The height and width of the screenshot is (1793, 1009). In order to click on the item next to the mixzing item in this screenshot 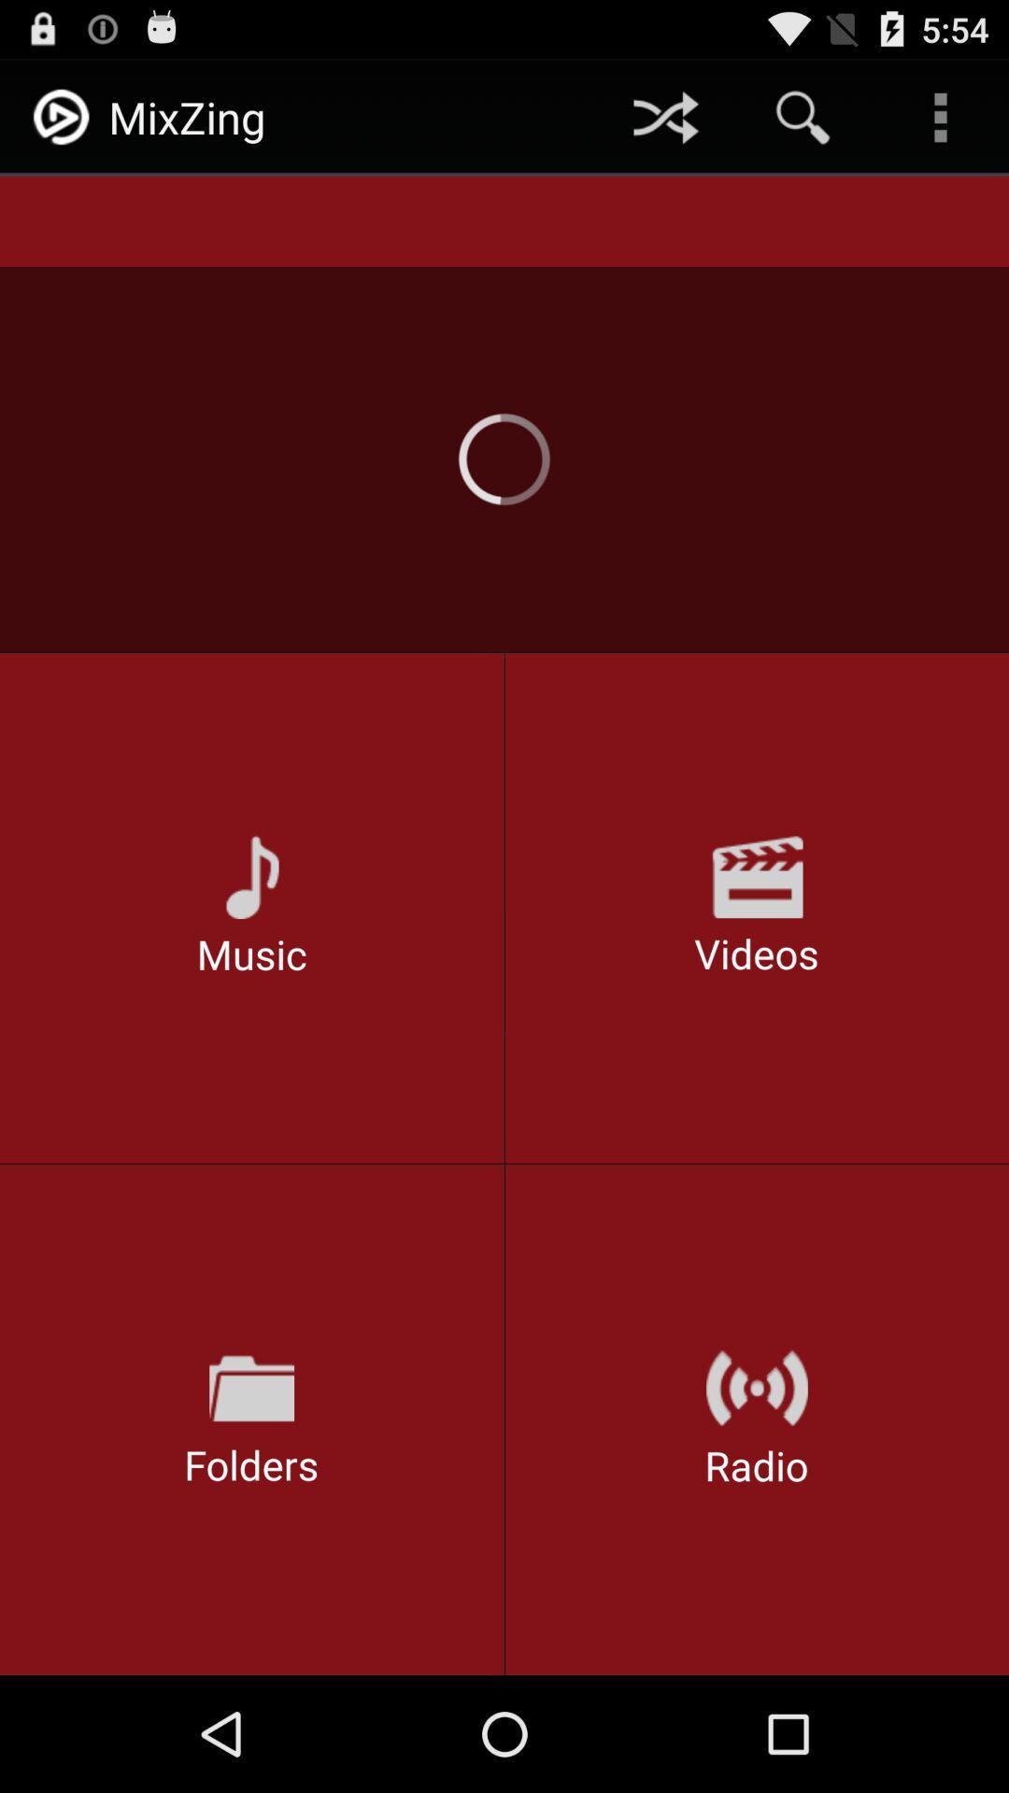, I will do `click(664, 116)`.